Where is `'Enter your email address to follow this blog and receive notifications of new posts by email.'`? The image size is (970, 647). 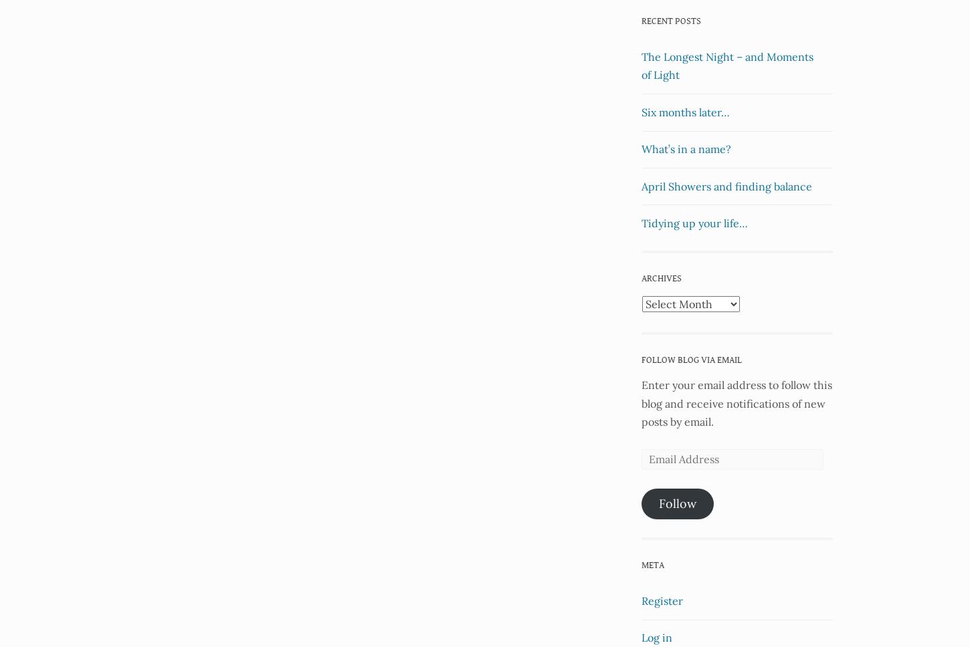
'Enter your email address to follow this blog and receive notifications of new posts by email.' is located at coordinates (736, 402).